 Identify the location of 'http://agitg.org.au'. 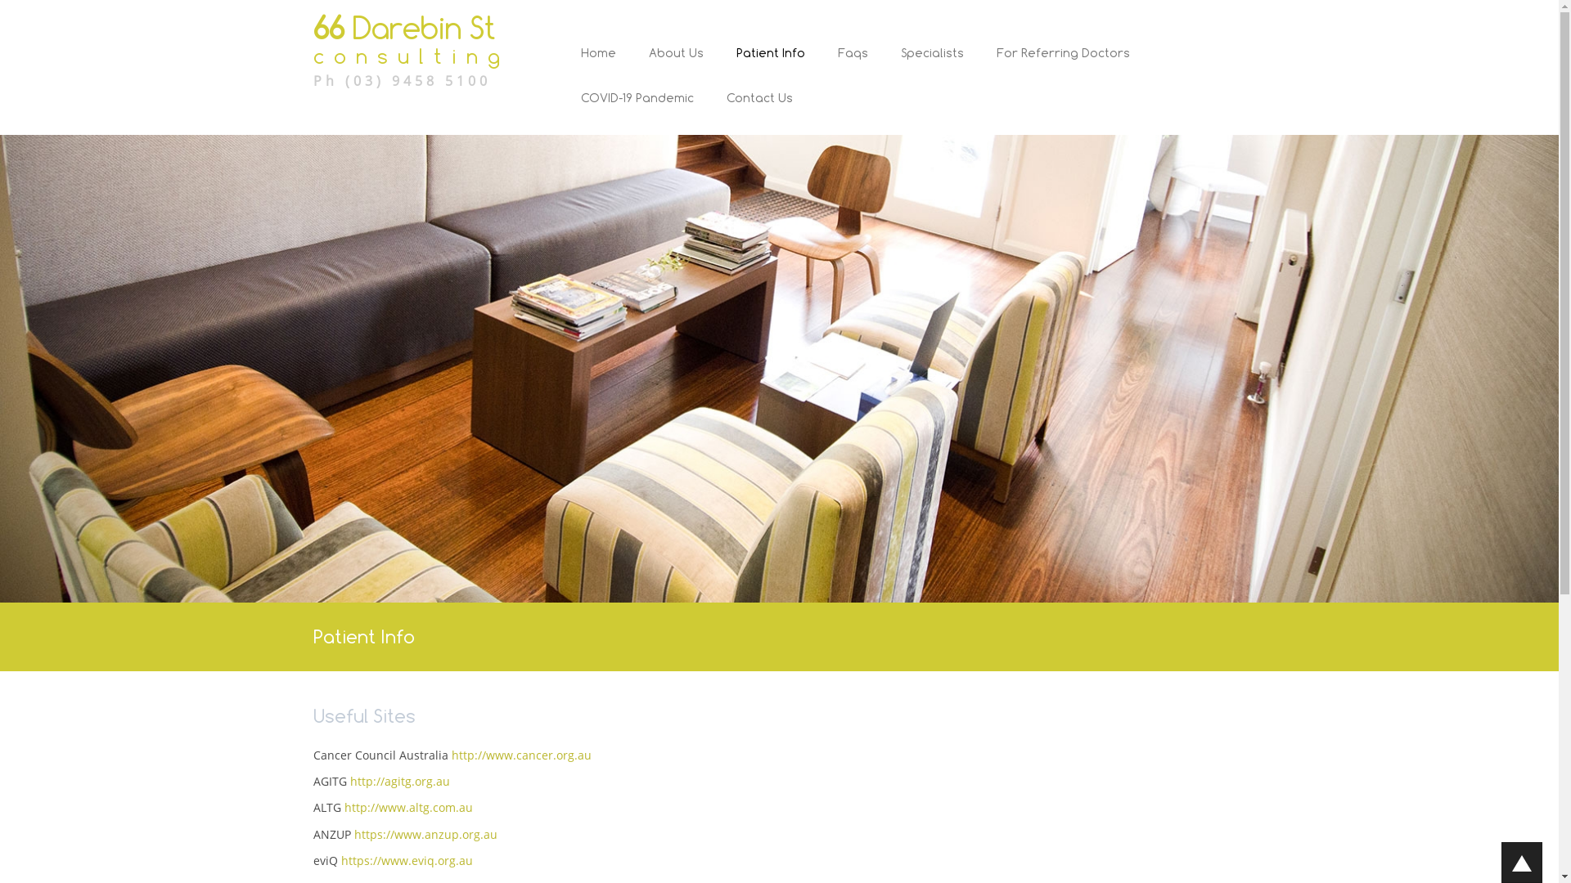
(400, 780).